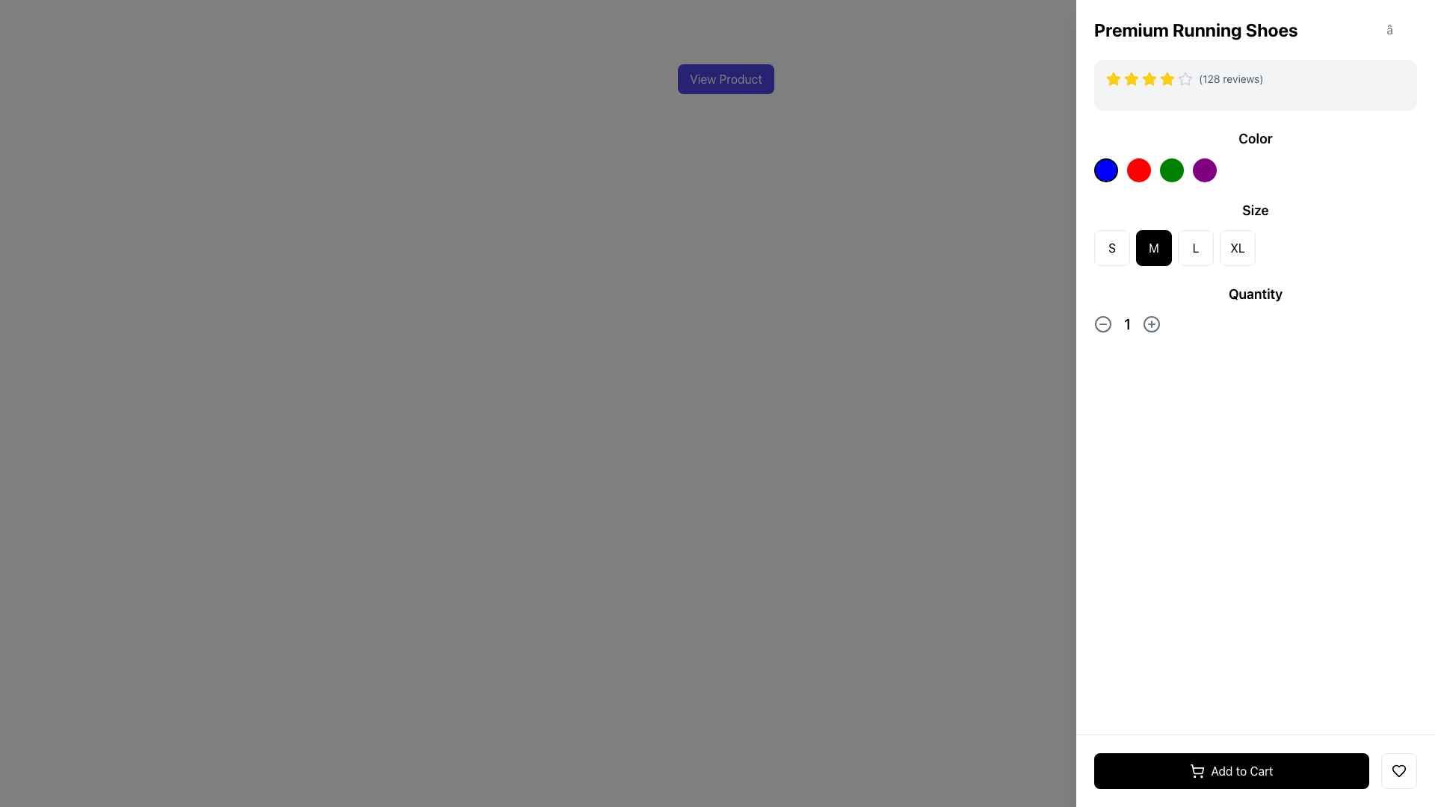 The height and width of the screenshot is (807, 1435). What do you see at coordinates (1148, 78) in the screenshot?
I see `the third star in the four-star rating component located below the title 'Premium Running Shoes' in the right panel` at bounding box center [1148, 78].